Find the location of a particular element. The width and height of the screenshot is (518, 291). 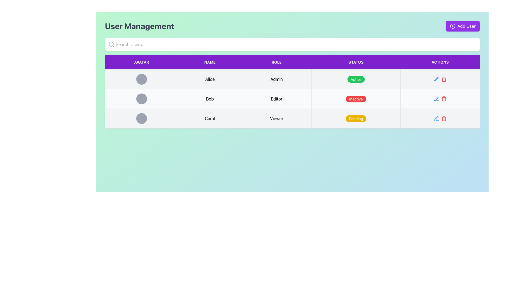

the 'Status' table header, which is the fourth header in the table, positioned after 'Avatar', 'Name', and 'Role', and before the 'Actions' header is located at coordinates (356, 62).